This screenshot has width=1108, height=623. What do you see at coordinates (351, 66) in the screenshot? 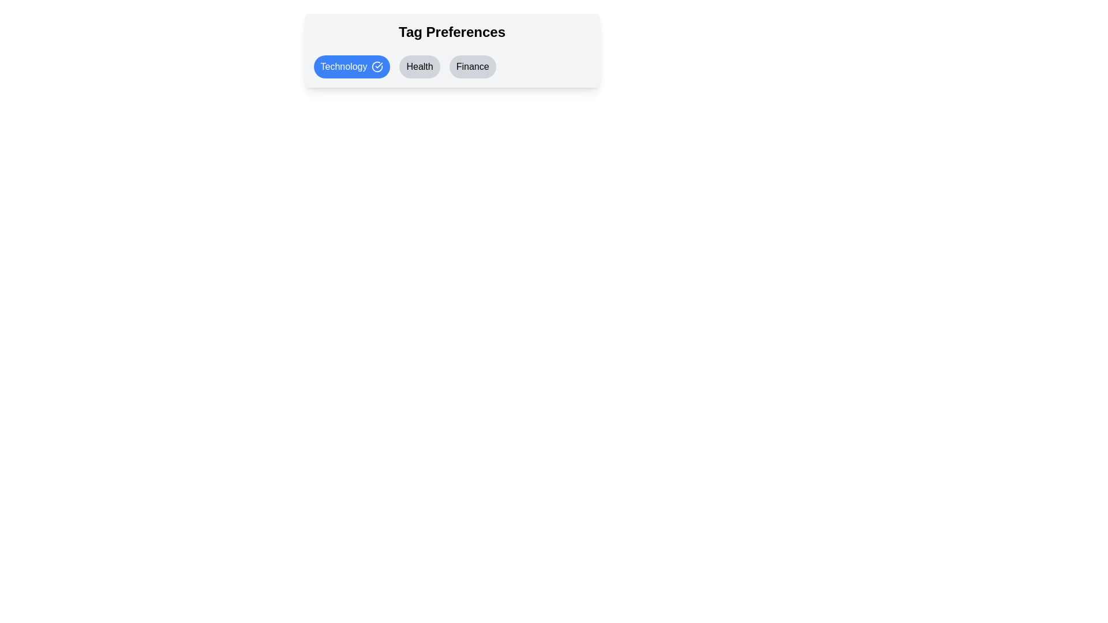
I see `the tag labeled Technology` at bounding box center [351, 66].